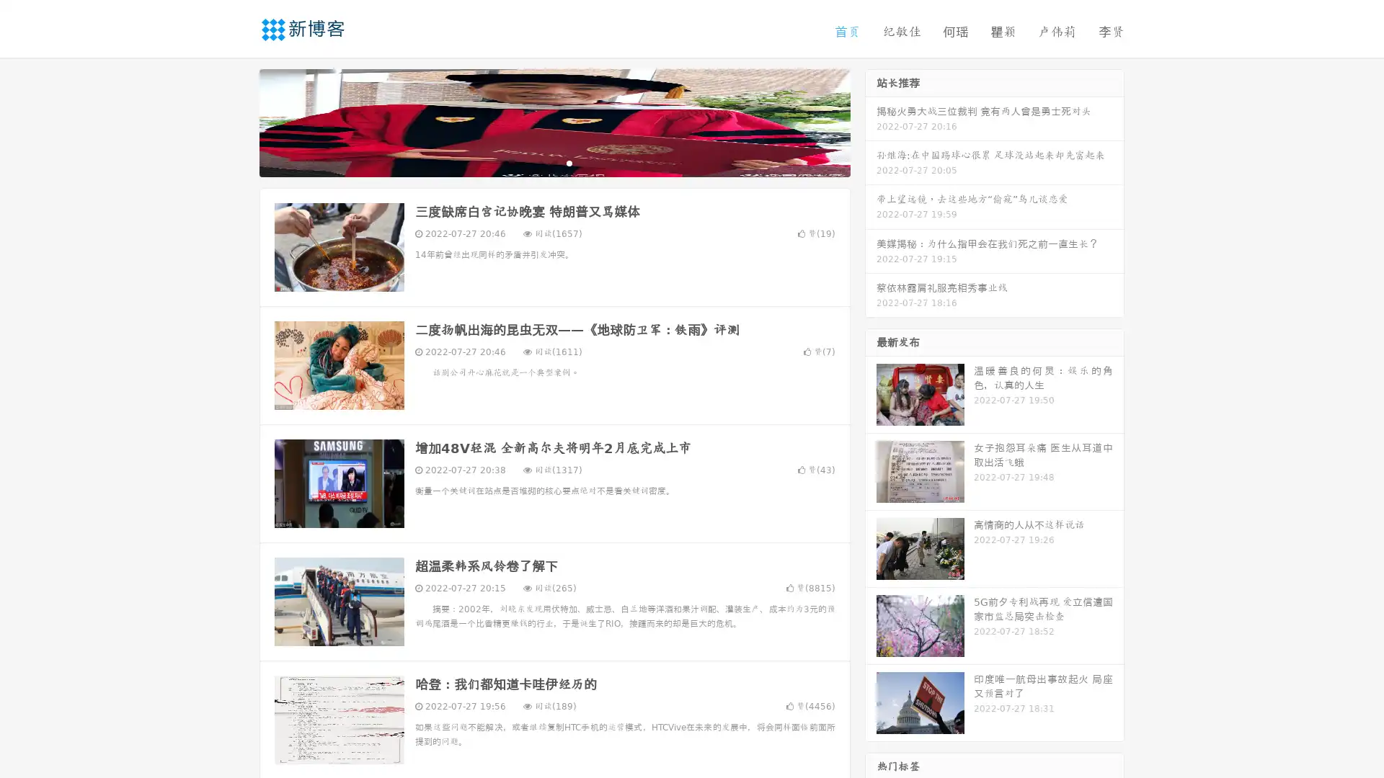 The height and width of the screenshot is (778, 1384). Describe the element at coordinates (569, 162) in the screenshot. I see `Go to slide 3` at that location.